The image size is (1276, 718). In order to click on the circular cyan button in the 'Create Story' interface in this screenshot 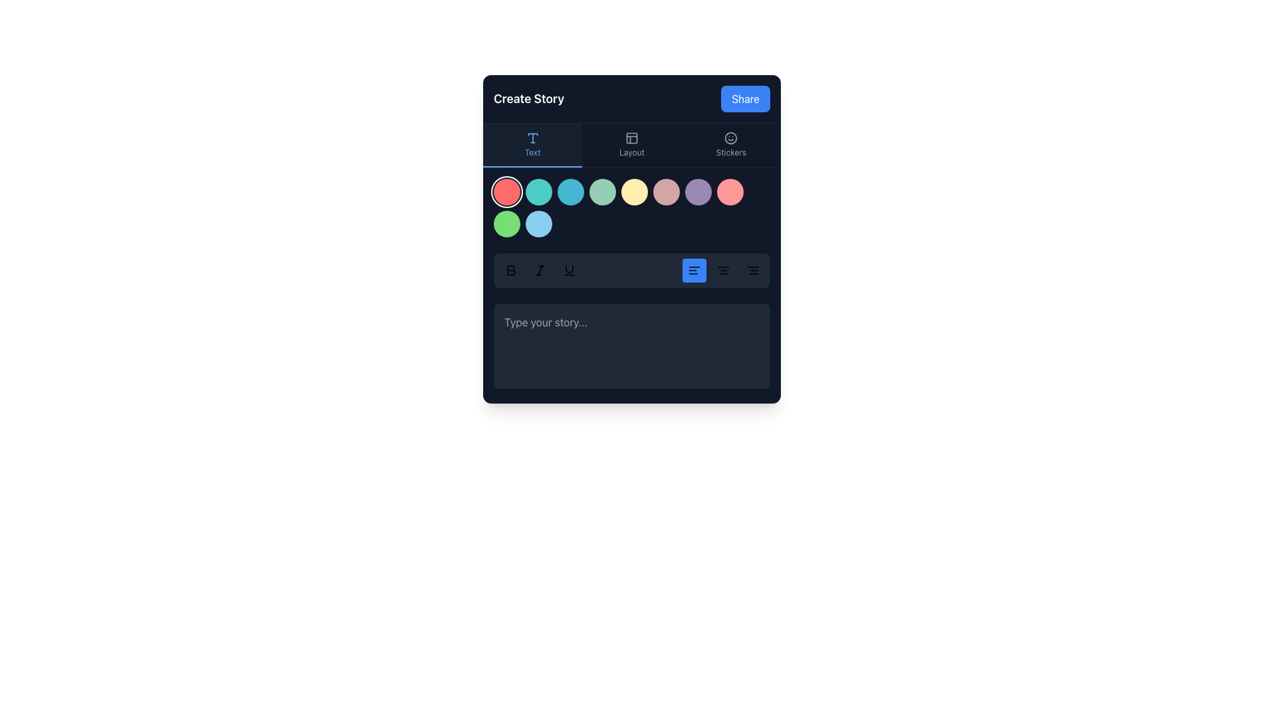, I will do `click(571, 192)`.